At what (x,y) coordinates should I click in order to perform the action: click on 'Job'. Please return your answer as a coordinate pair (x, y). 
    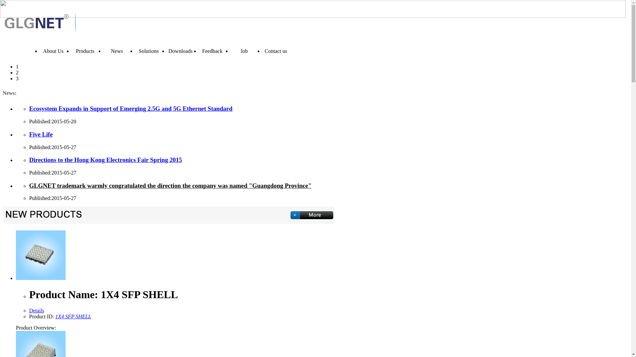
    Looking at the image, I should click on (244, 51).